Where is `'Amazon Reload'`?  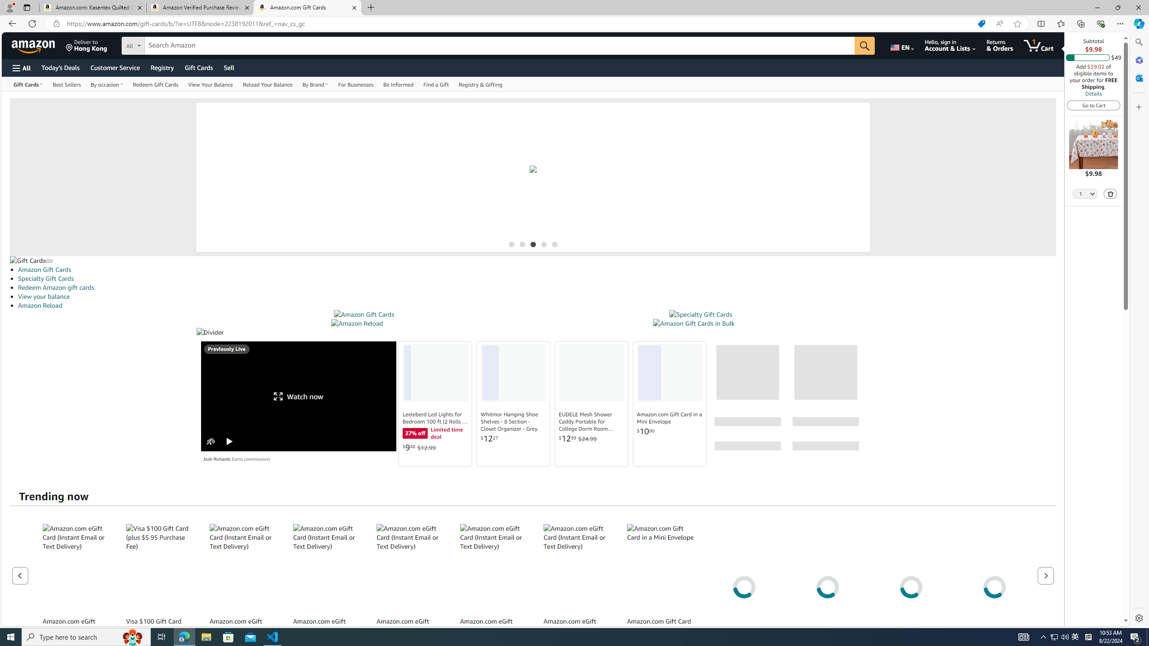 'Amazon Reload' is located at coordinates (357, 323).